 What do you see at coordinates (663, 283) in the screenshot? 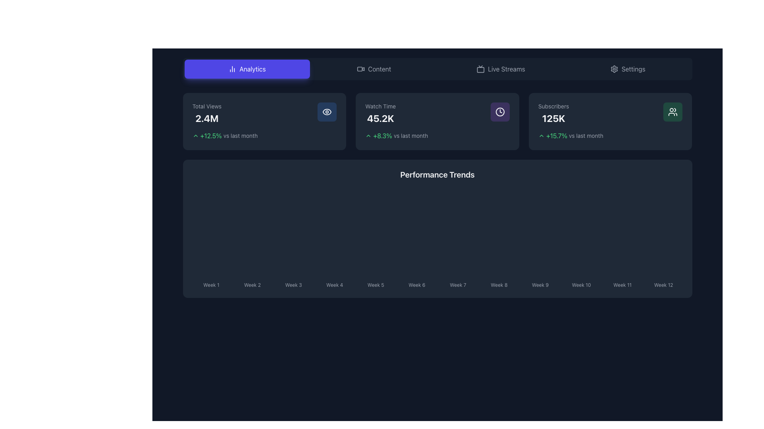
I see `the 'Week 12' label` at bounding box center [663, 283].